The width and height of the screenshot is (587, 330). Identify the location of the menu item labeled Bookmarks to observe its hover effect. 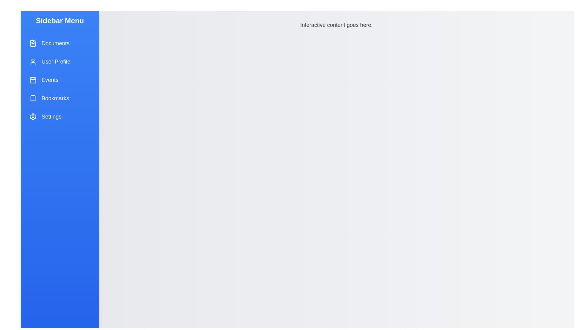
(60, 98).